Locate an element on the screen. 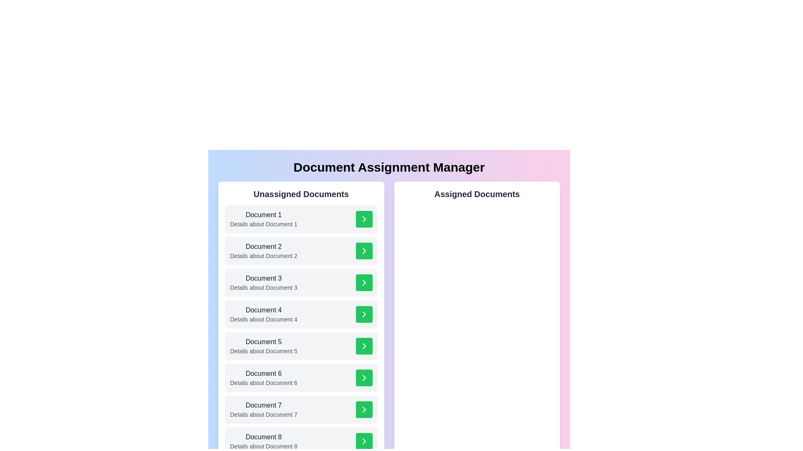 This screenshot has width=803, height=451. the right-pointing chevron icon styled in white, located on the green button for 'Document 7' in the 'Unassigned Documents' section is located at coordinates (364, 409).